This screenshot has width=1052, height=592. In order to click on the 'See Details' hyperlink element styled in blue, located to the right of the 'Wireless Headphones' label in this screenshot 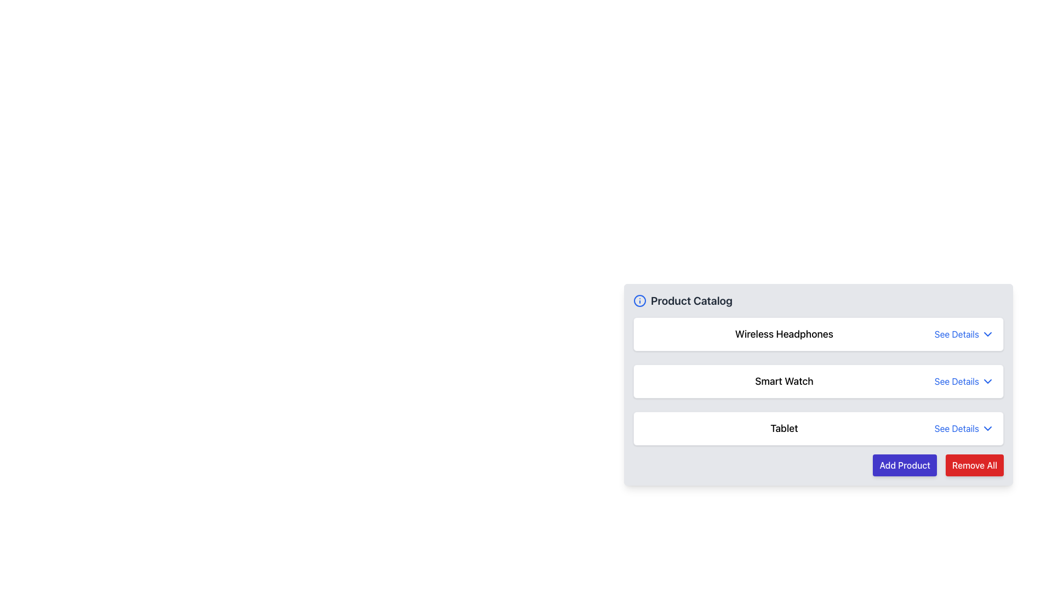, I will do `click(964, 333)`.